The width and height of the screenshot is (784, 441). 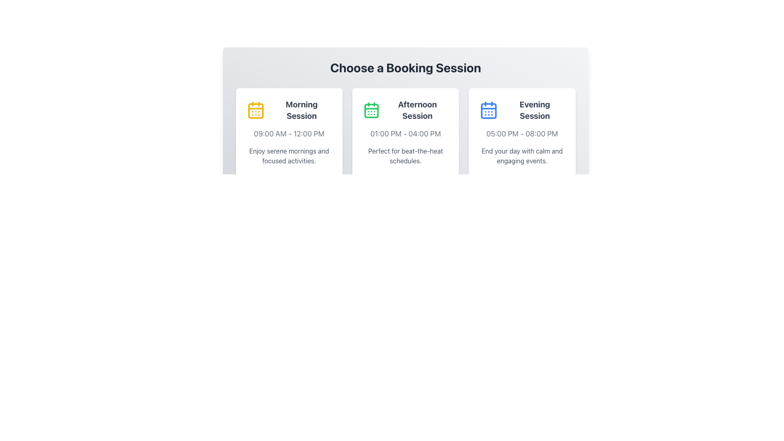 I want to click on the Icon representing the afternoon session time slot, which is located within the 'Afternoon Session' card, second from the left among three cards in the central area of the interface, so click(x=371, y=111).